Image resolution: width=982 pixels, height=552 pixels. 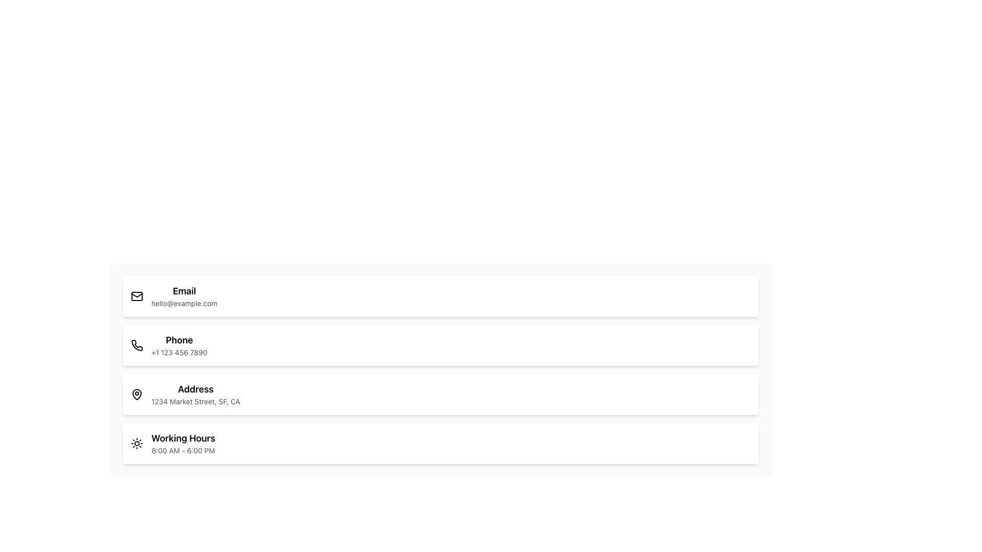 I want to click on the static text display showing '1234 Market Street, SF, CA.', so click(x=195, y=401).